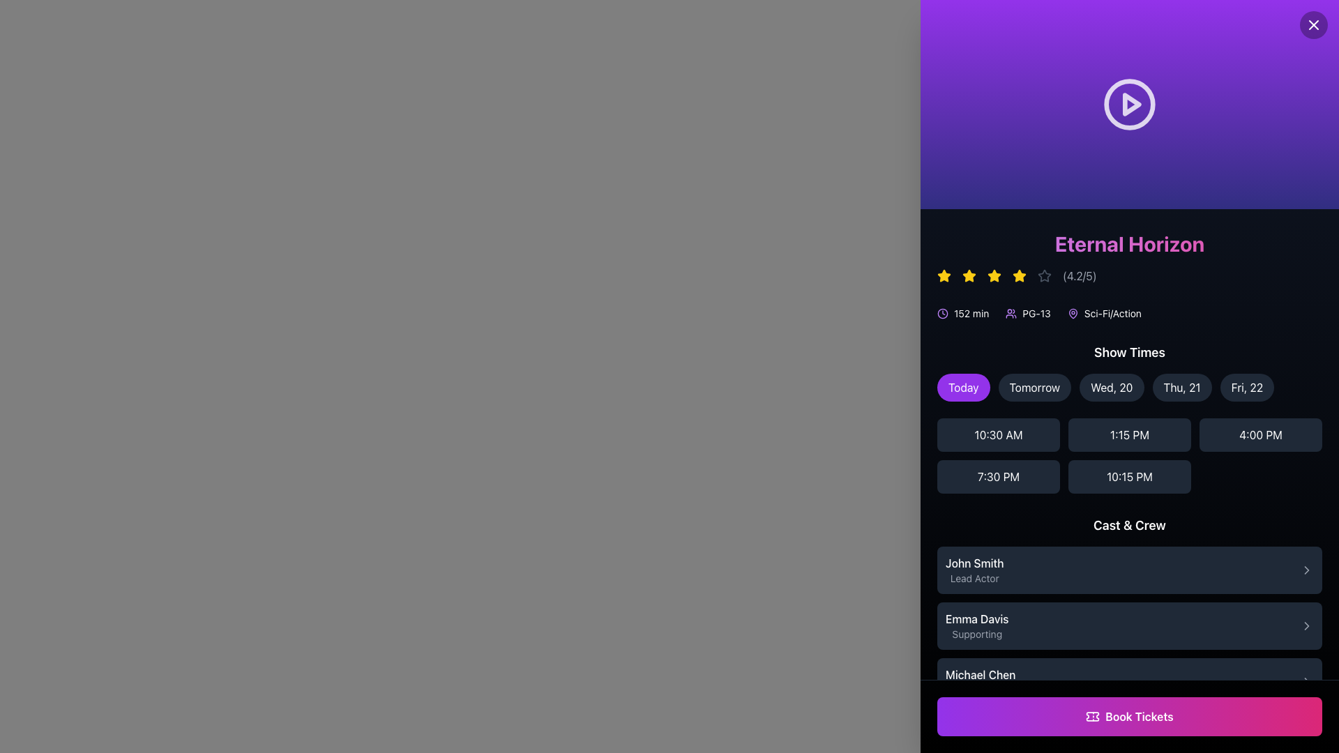  I want to click on the Label with icon displaying '152 min' and a clock icon located beneath the rating stars and movie title 'Eternal Horizon', so click(962, 314).